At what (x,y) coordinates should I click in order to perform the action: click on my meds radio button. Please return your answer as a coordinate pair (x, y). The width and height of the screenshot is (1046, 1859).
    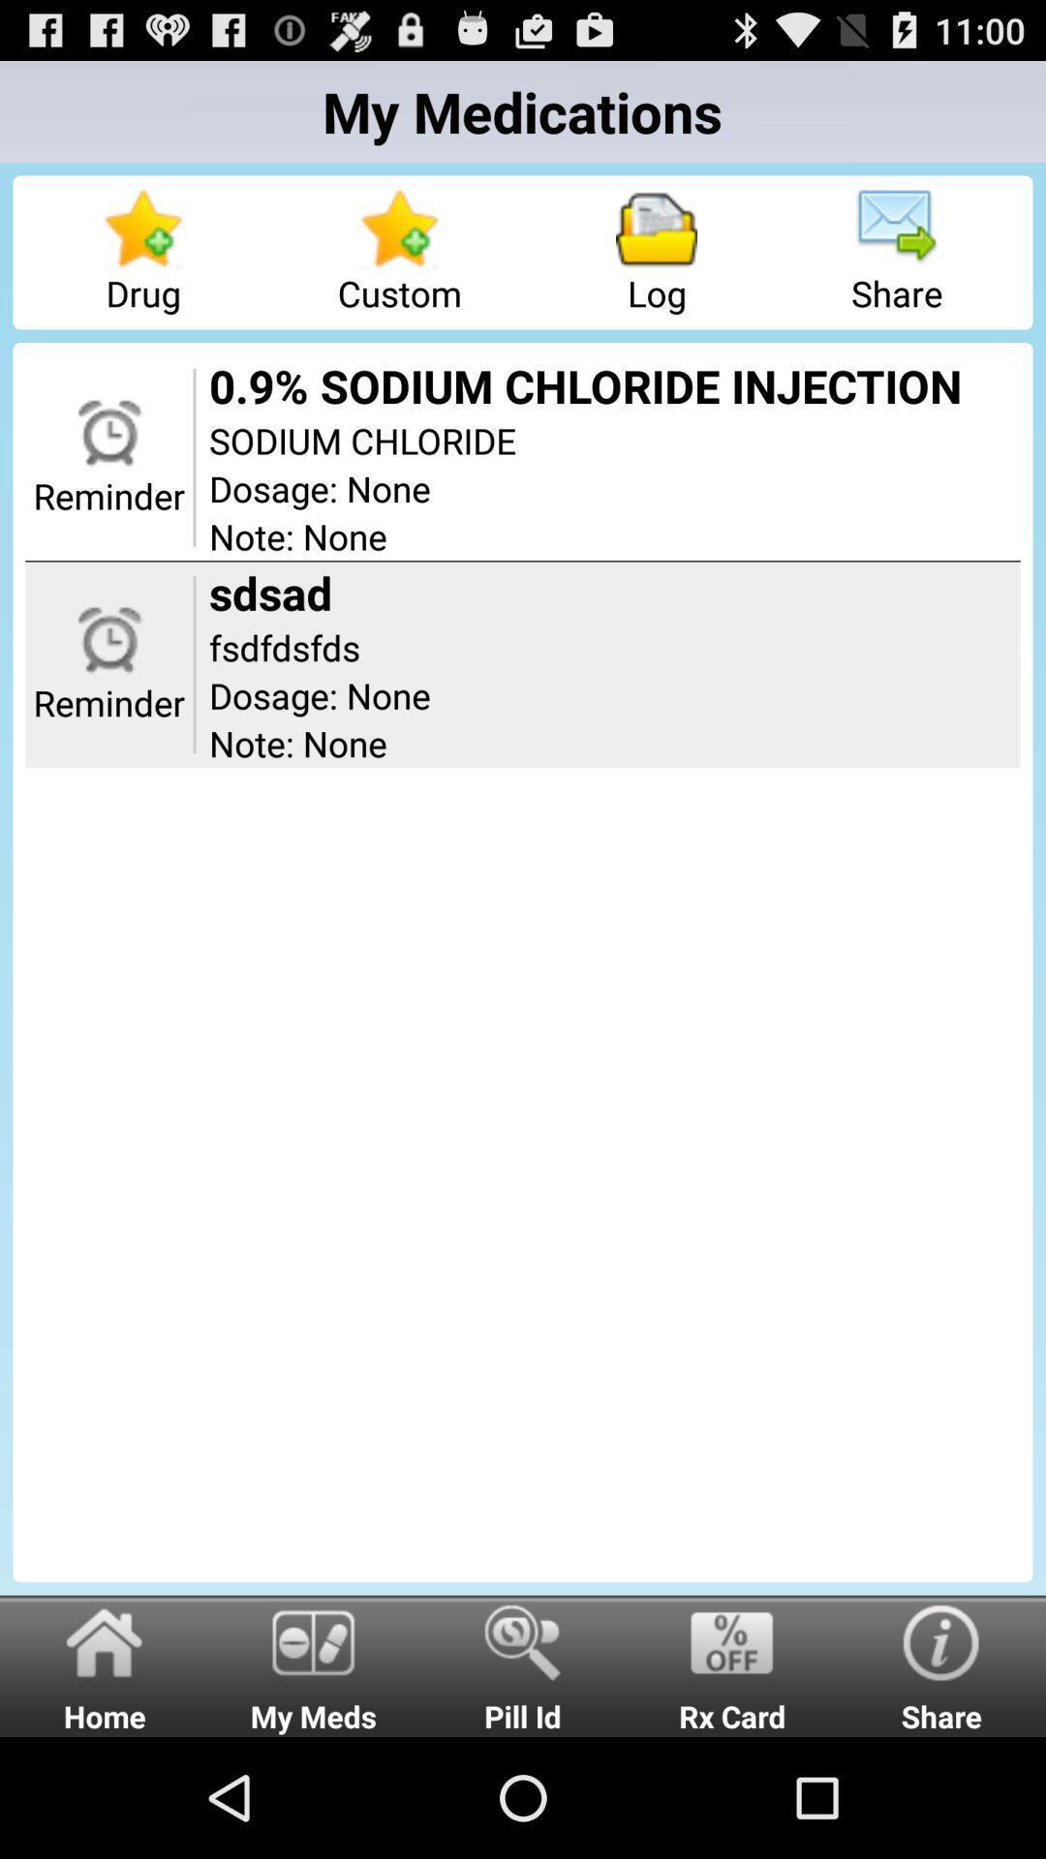
    Looking at the image, I should click on (313, 1664).